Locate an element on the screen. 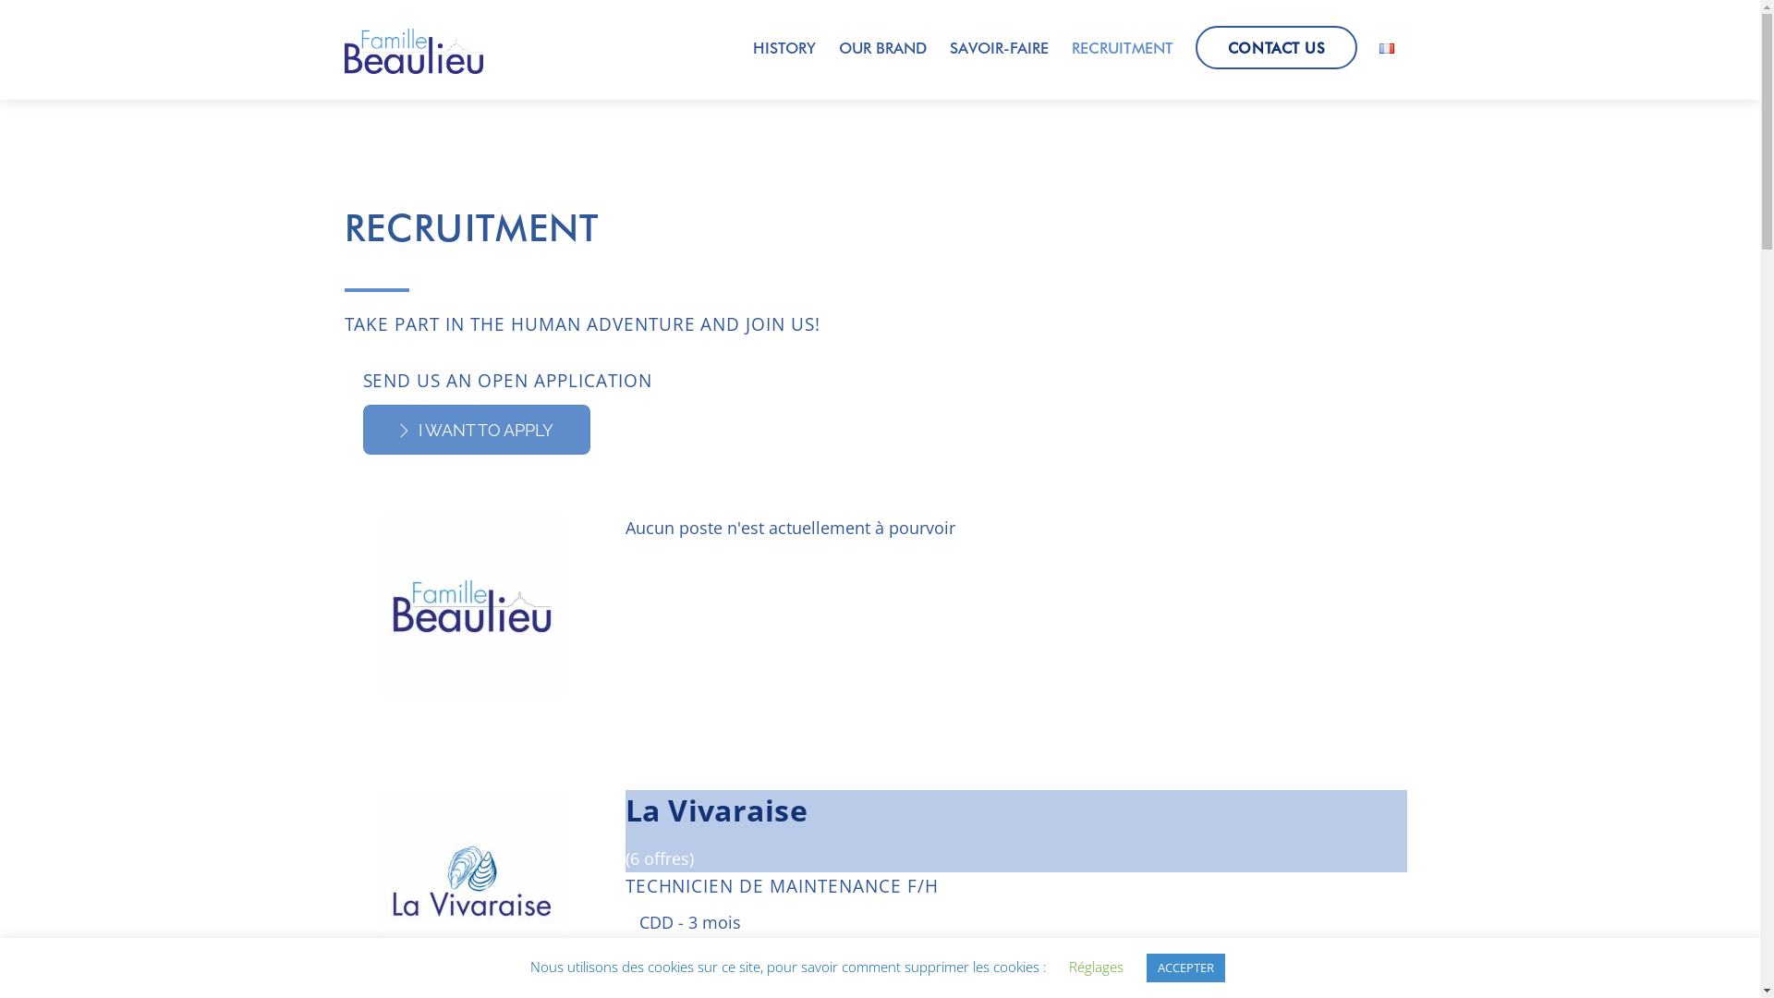 This screenshot has height=998, width=1774. 'Famille Beaulieu' is located at coordinates (411, 64).